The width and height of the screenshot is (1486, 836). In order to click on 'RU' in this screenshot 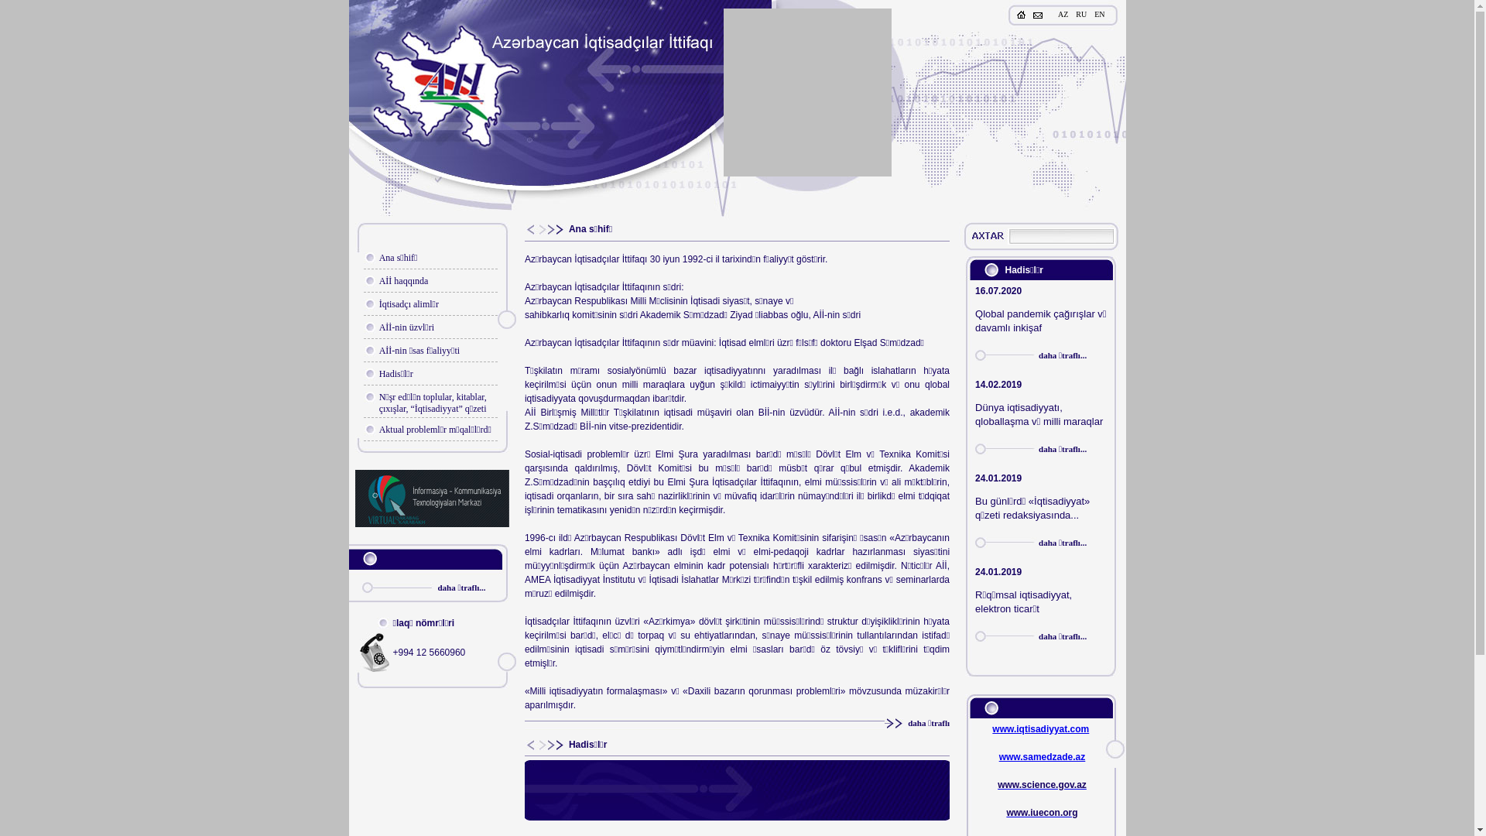, I will do `click(1080, 14)`.